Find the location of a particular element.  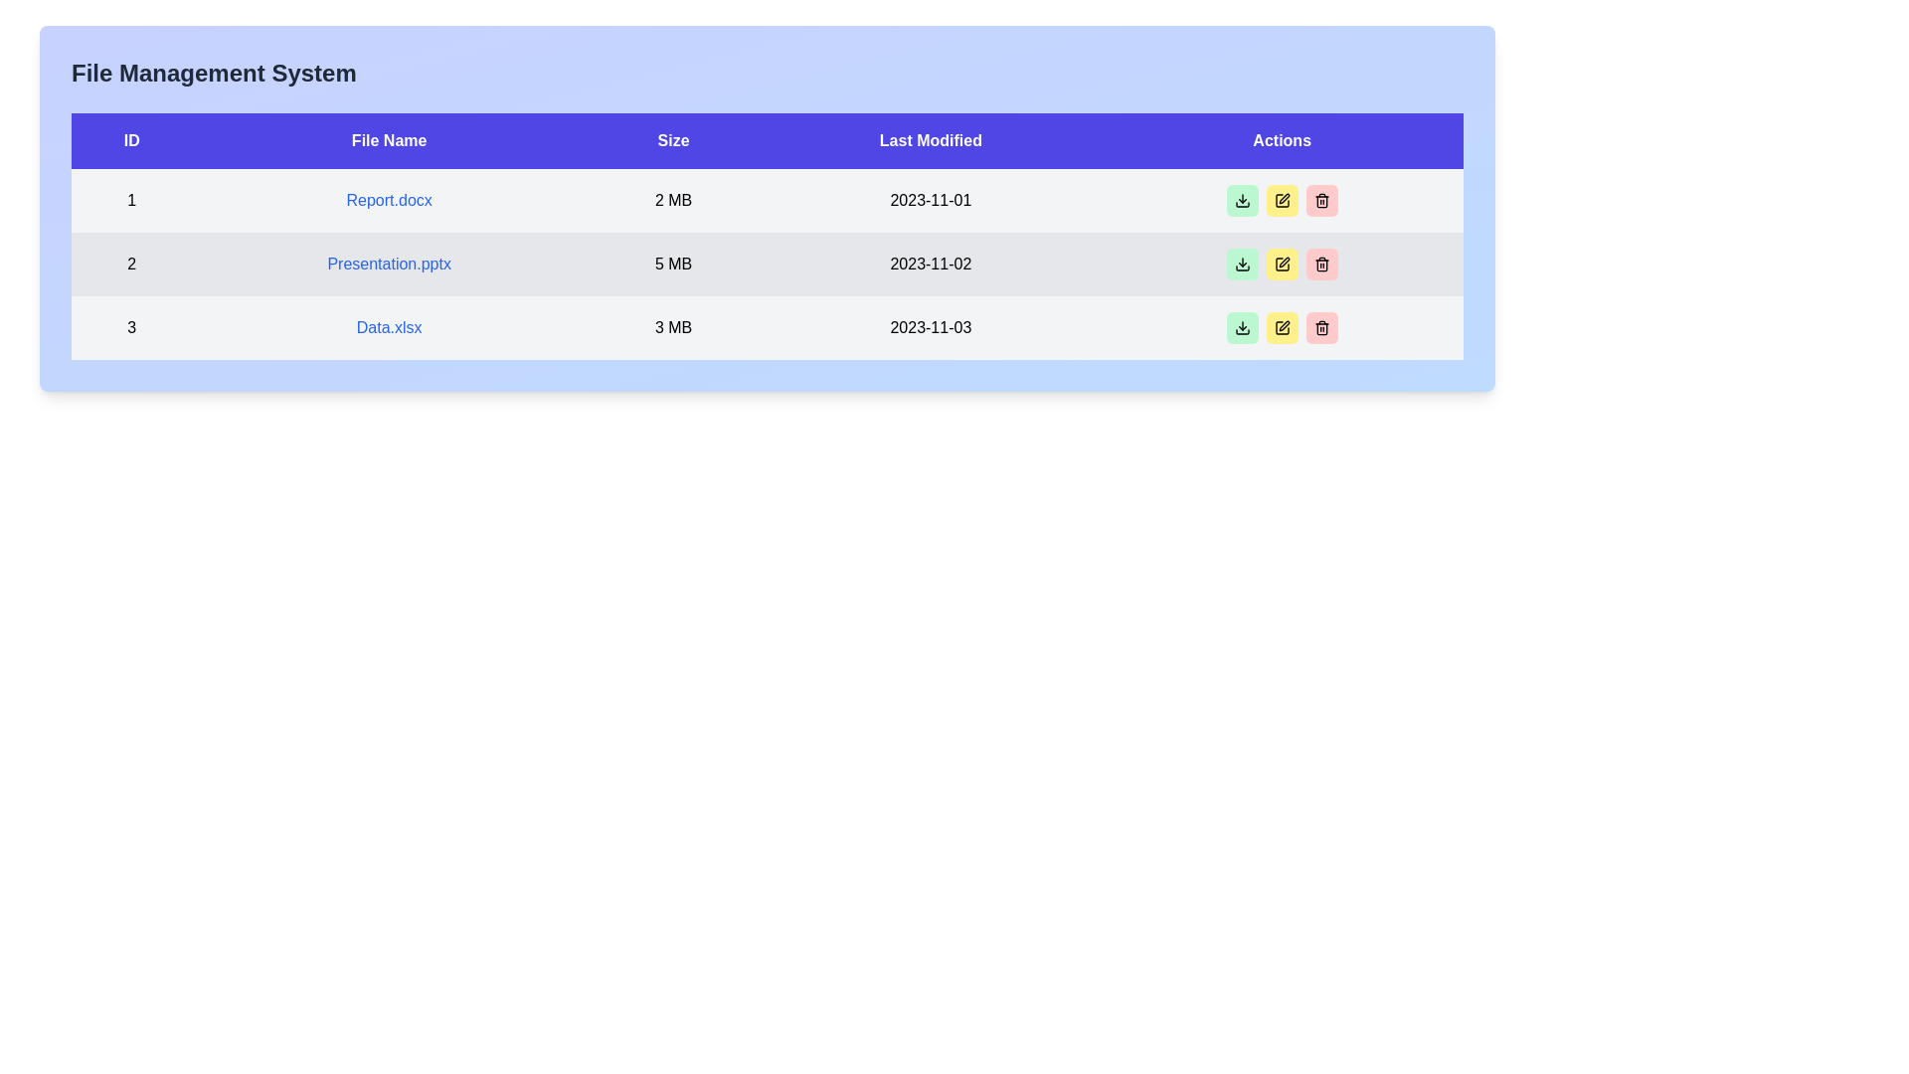

the download button for 'Report.docx' in the Actions column of the first row is located at coordinates (1241, 264).